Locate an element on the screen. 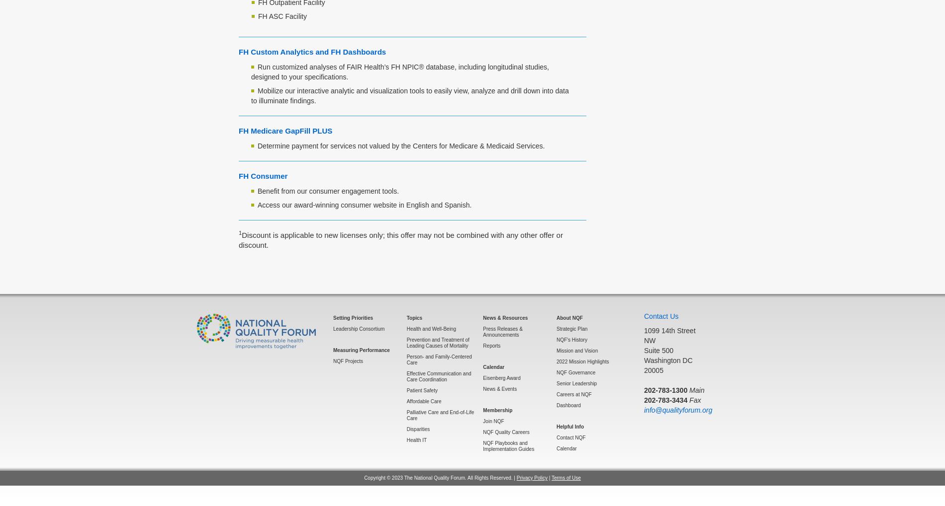 This screenshot has width=945, height=506. 'Terms of Use' is located at coordinates (566, 477).